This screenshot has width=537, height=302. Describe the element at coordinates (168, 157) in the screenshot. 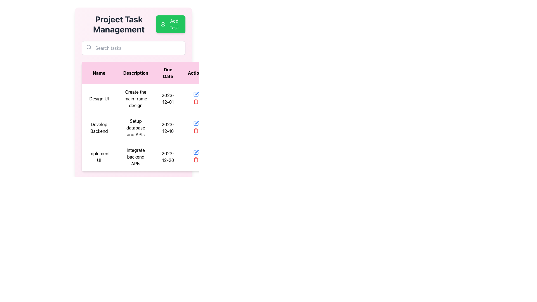

I see `the text block displaying the date '2023-12-20' in the 'Due Date' column of the table` at that location.